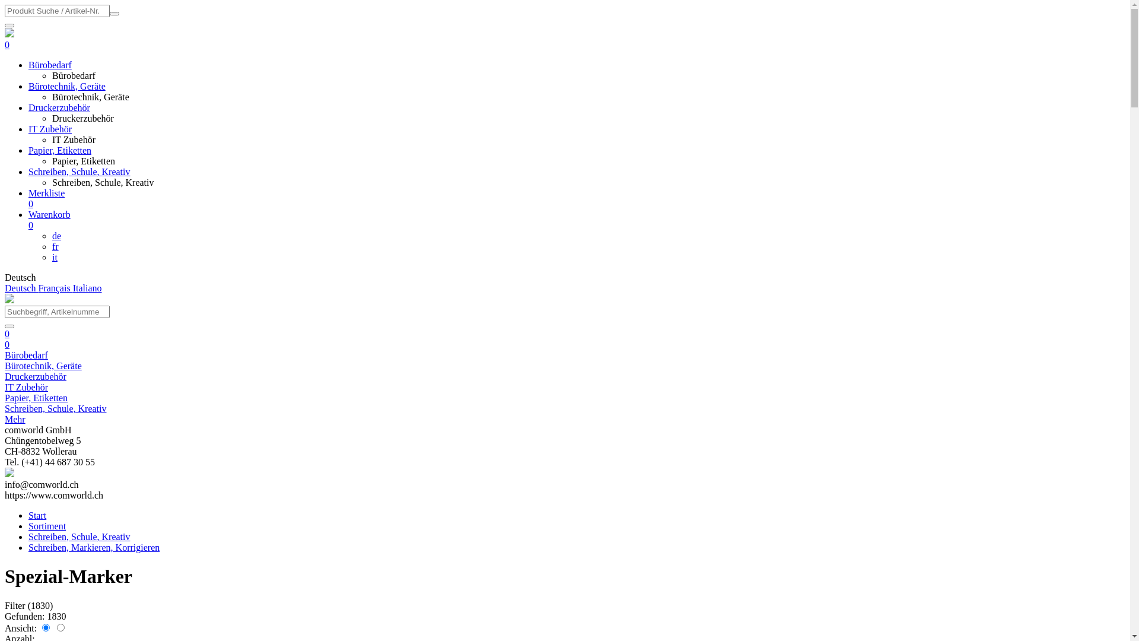  What do you see at coordinates (37, 515) in the screenshot?
I see `'Start'` at bounding box center [37, 515].